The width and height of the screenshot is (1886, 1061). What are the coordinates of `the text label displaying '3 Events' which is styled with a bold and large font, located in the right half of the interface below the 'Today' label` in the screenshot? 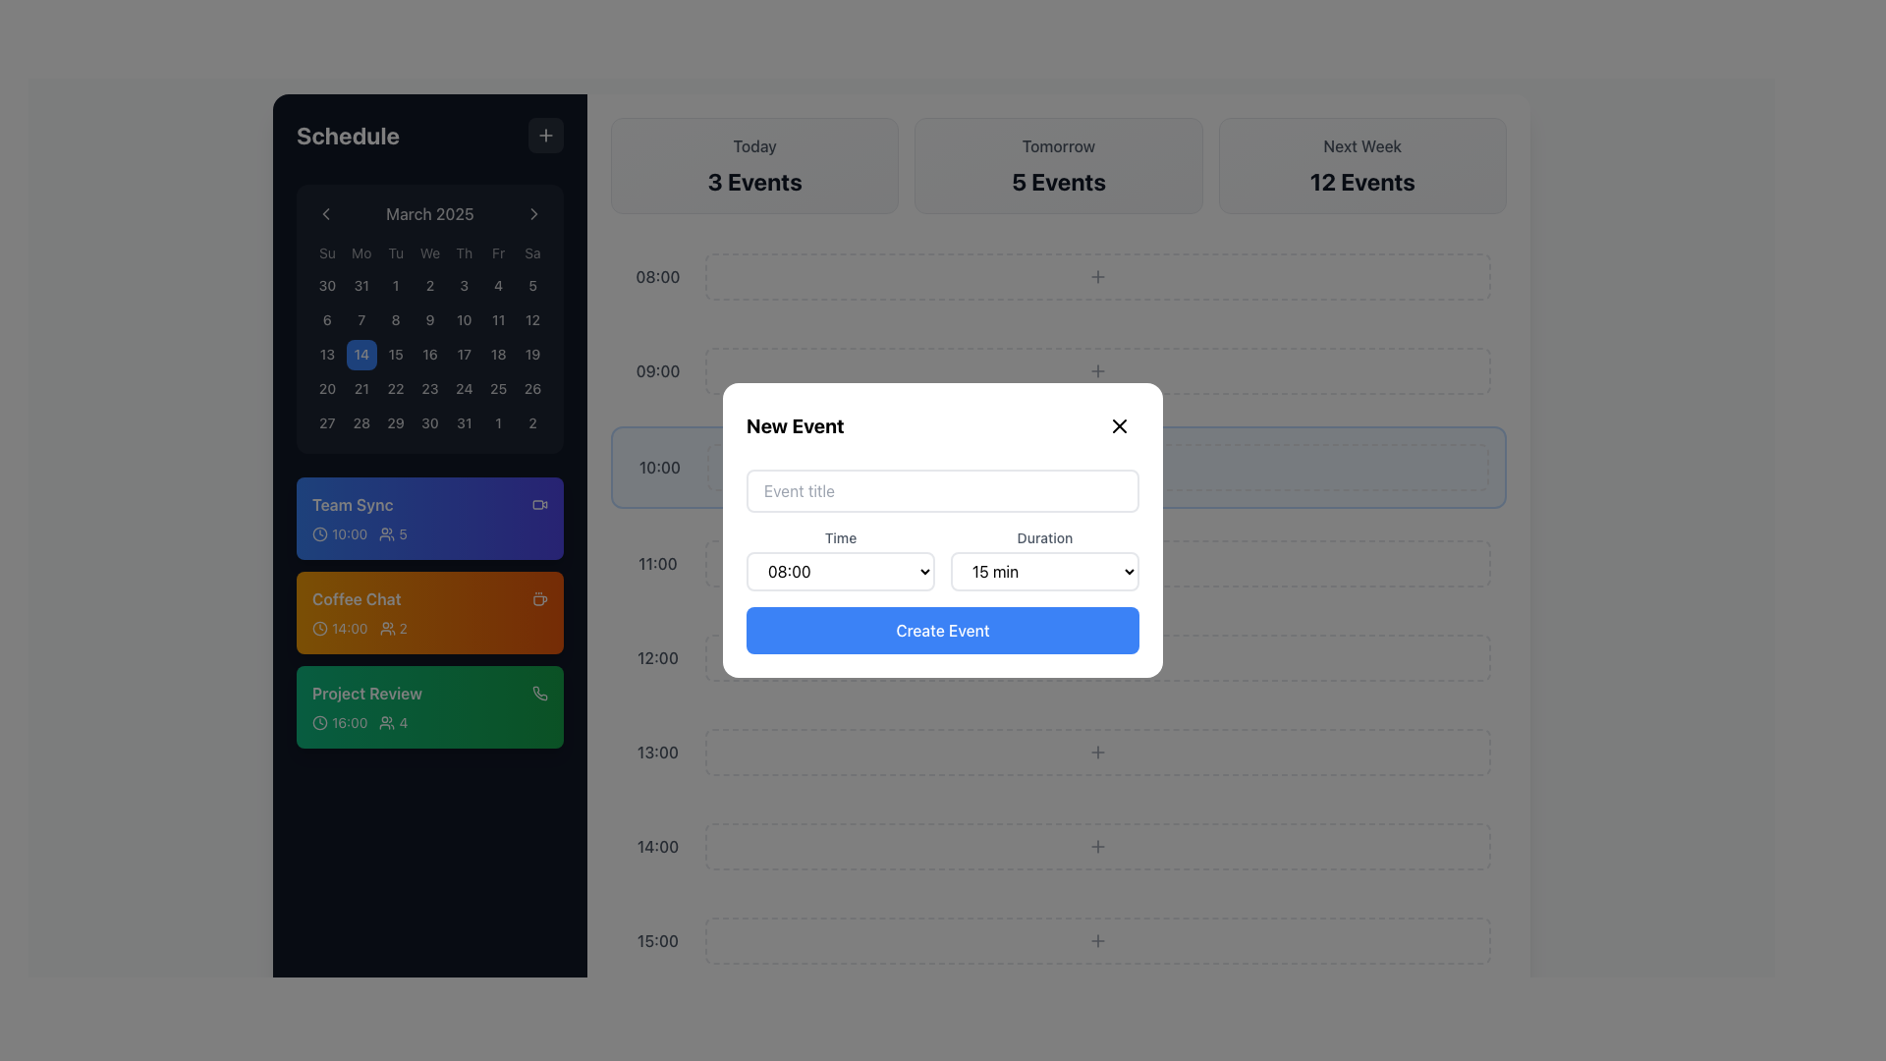 It's located at (753, 182).